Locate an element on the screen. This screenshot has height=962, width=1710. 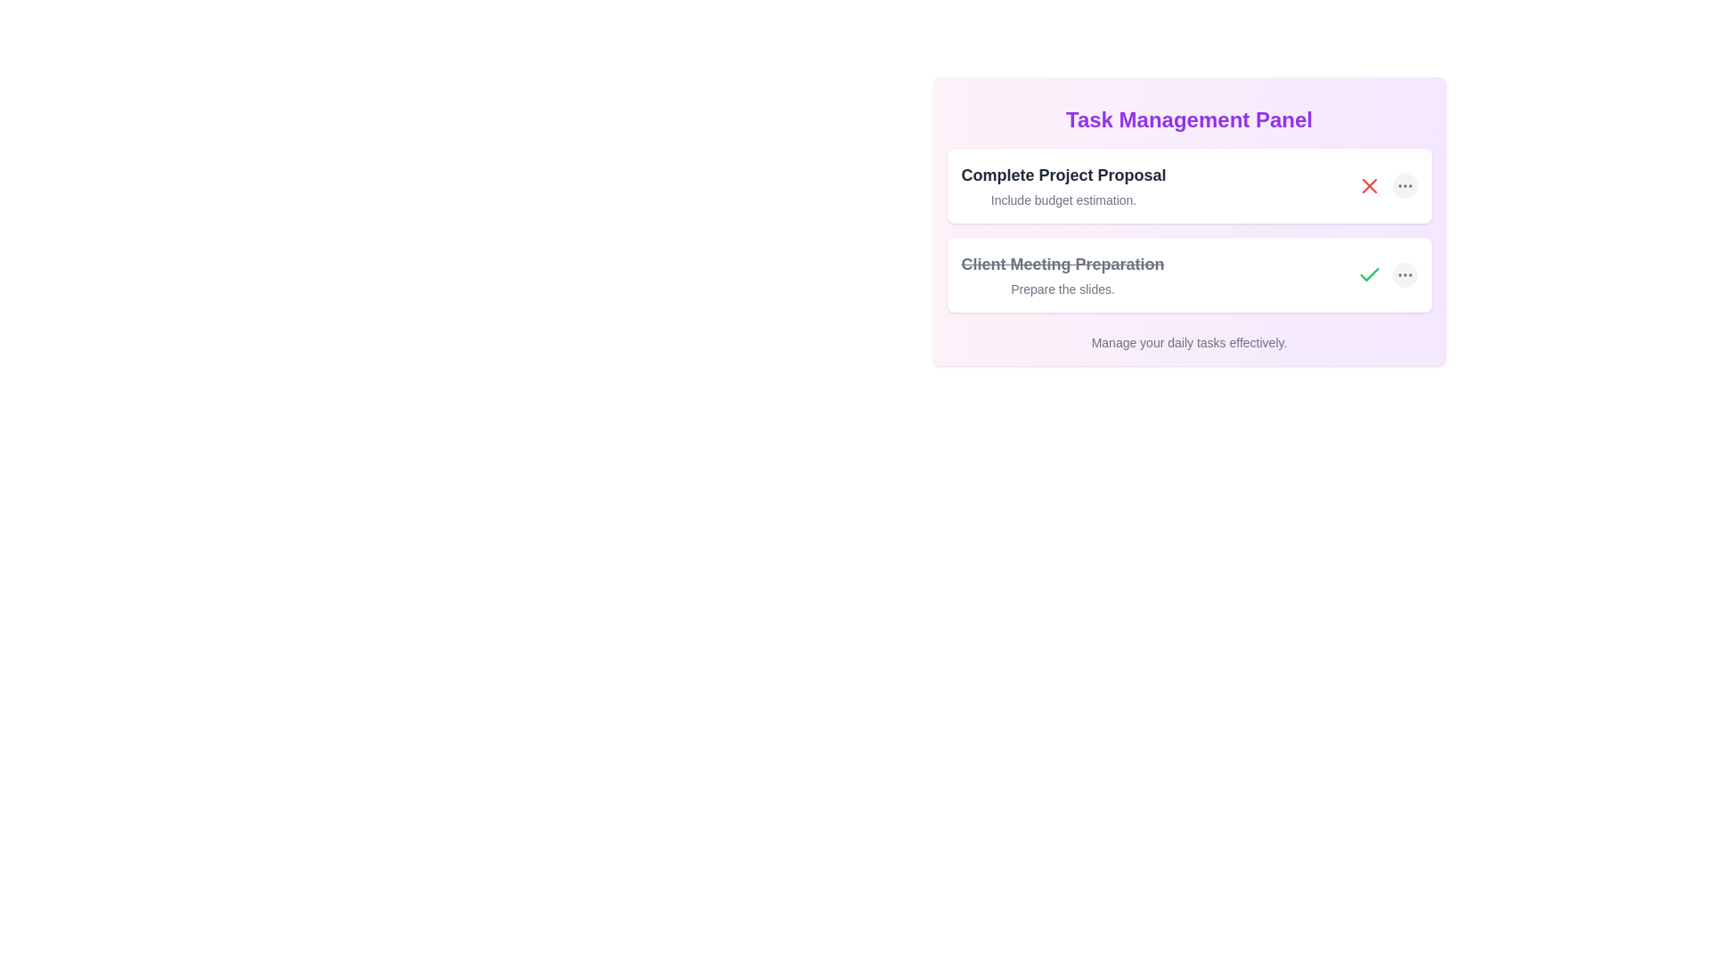
the delete icon button located in the upper portion of the Task Management Panel, to the right of the 'Complete Project Proposal' text block is located at coordinates (1368, 185).